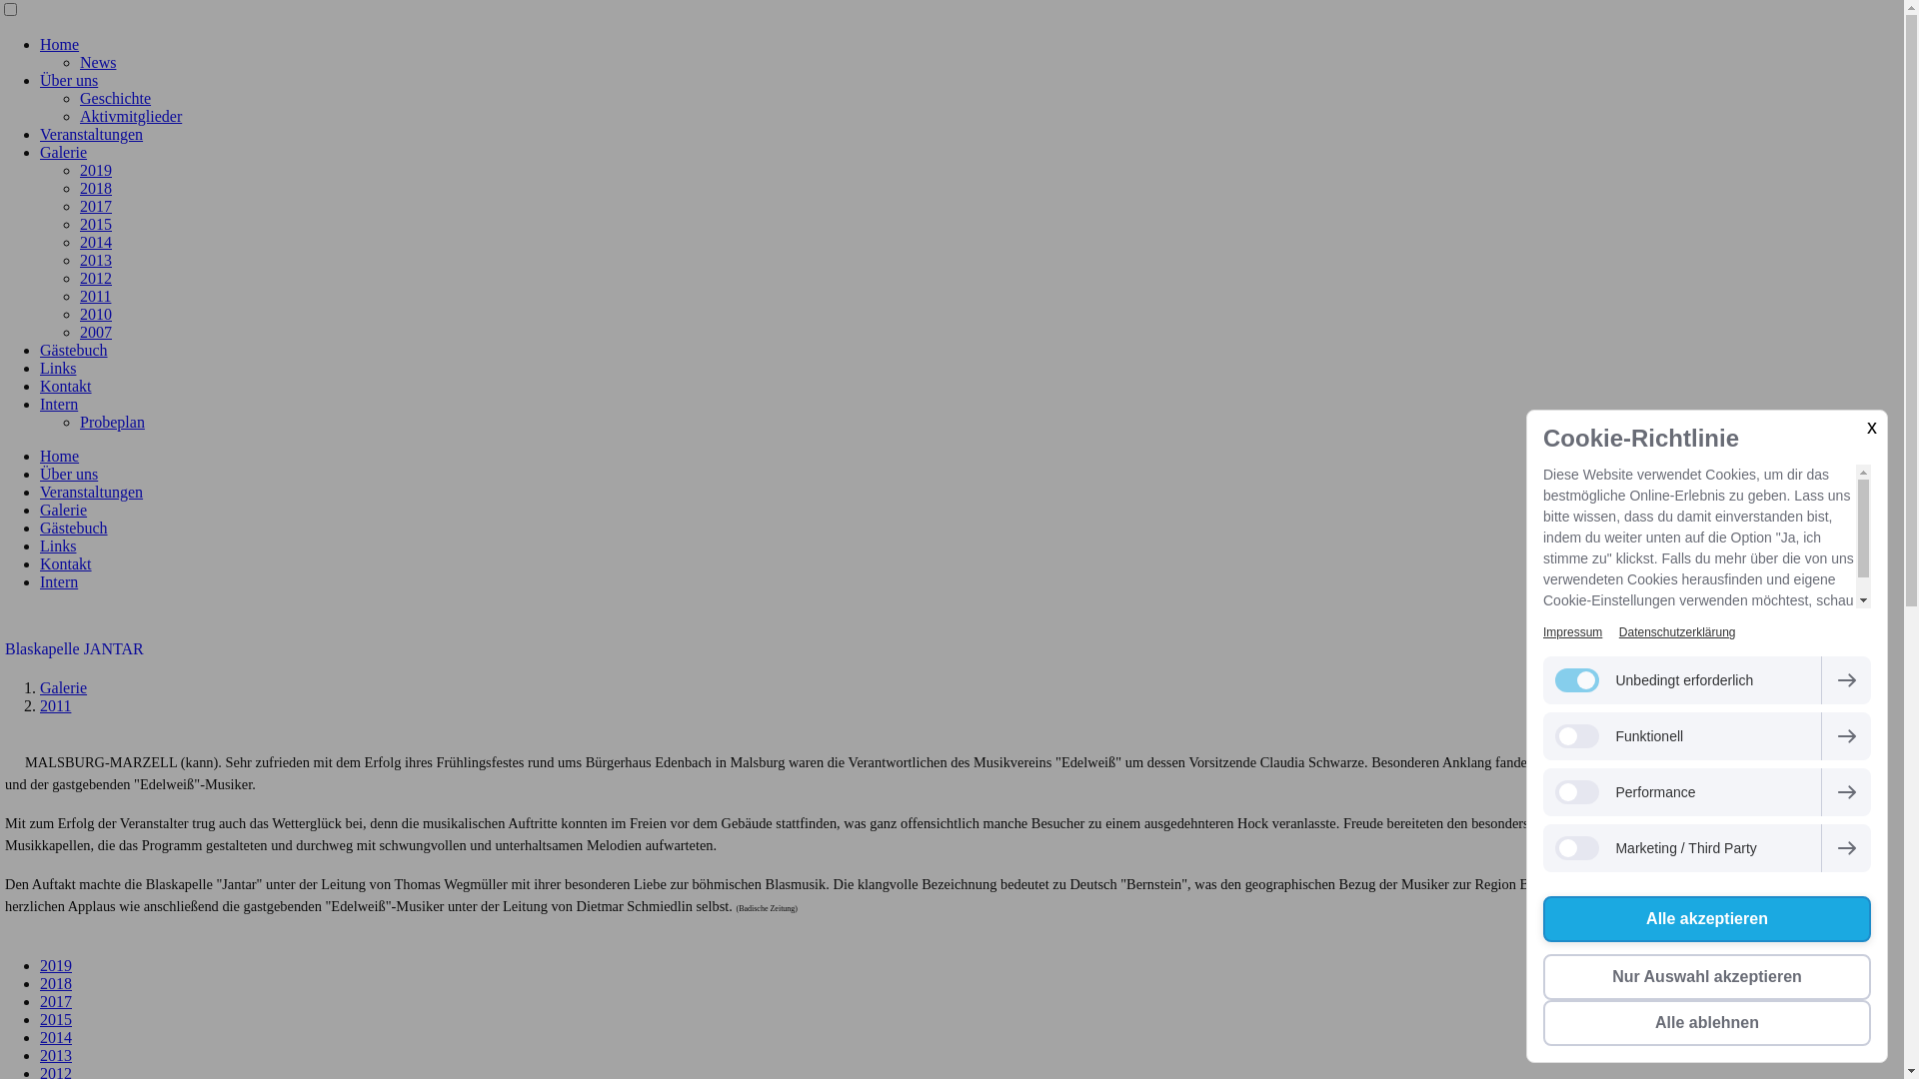 This screenshot has width=1919, height=1079. Describe the element at coordinates (58, 581) in the screenshot. I see `'Intern'` at that location.